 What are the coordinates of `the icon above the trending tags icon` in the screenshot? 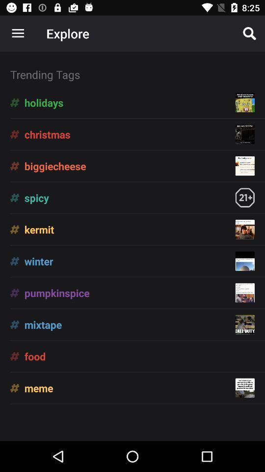 It's located at (18, 33).